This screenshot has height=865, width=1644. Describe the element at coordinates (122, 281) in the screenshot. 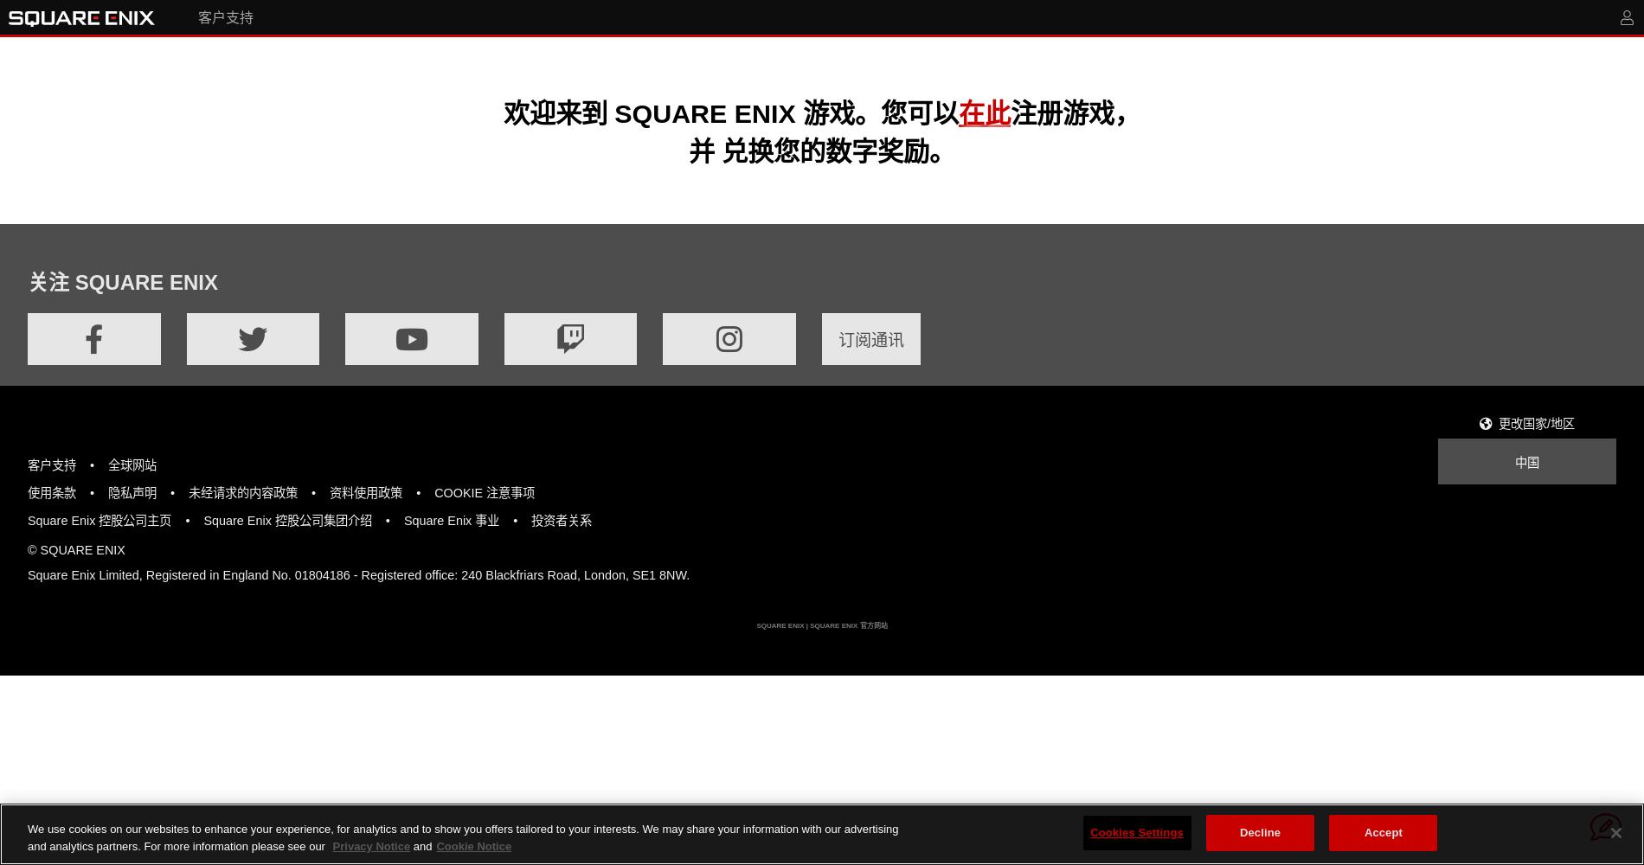

I see `'关注 SQUARE ENIX'` at that location.